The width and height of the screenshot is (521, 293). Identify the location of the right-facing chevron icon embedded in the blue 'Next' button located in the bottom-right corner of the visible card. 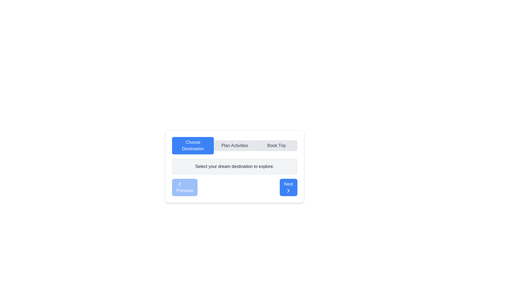
(288, 190).